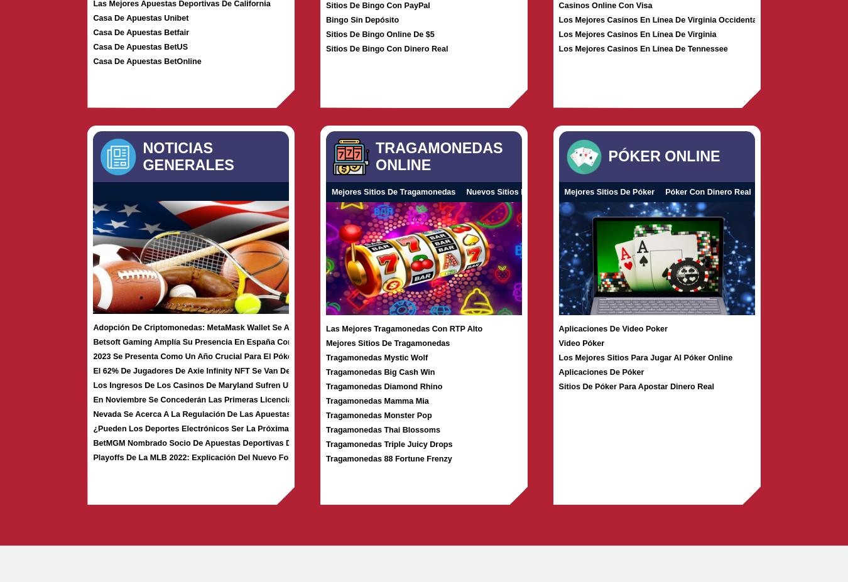 The width and height of the screenshot is (848, 582). What do you see at coordinates (233, 441) in the screenshot?
I see `'BetMGM Nombrado Socio De Apuestas Deportivas De Los Cincinnati Reds'` at bounding box center [233, 441].